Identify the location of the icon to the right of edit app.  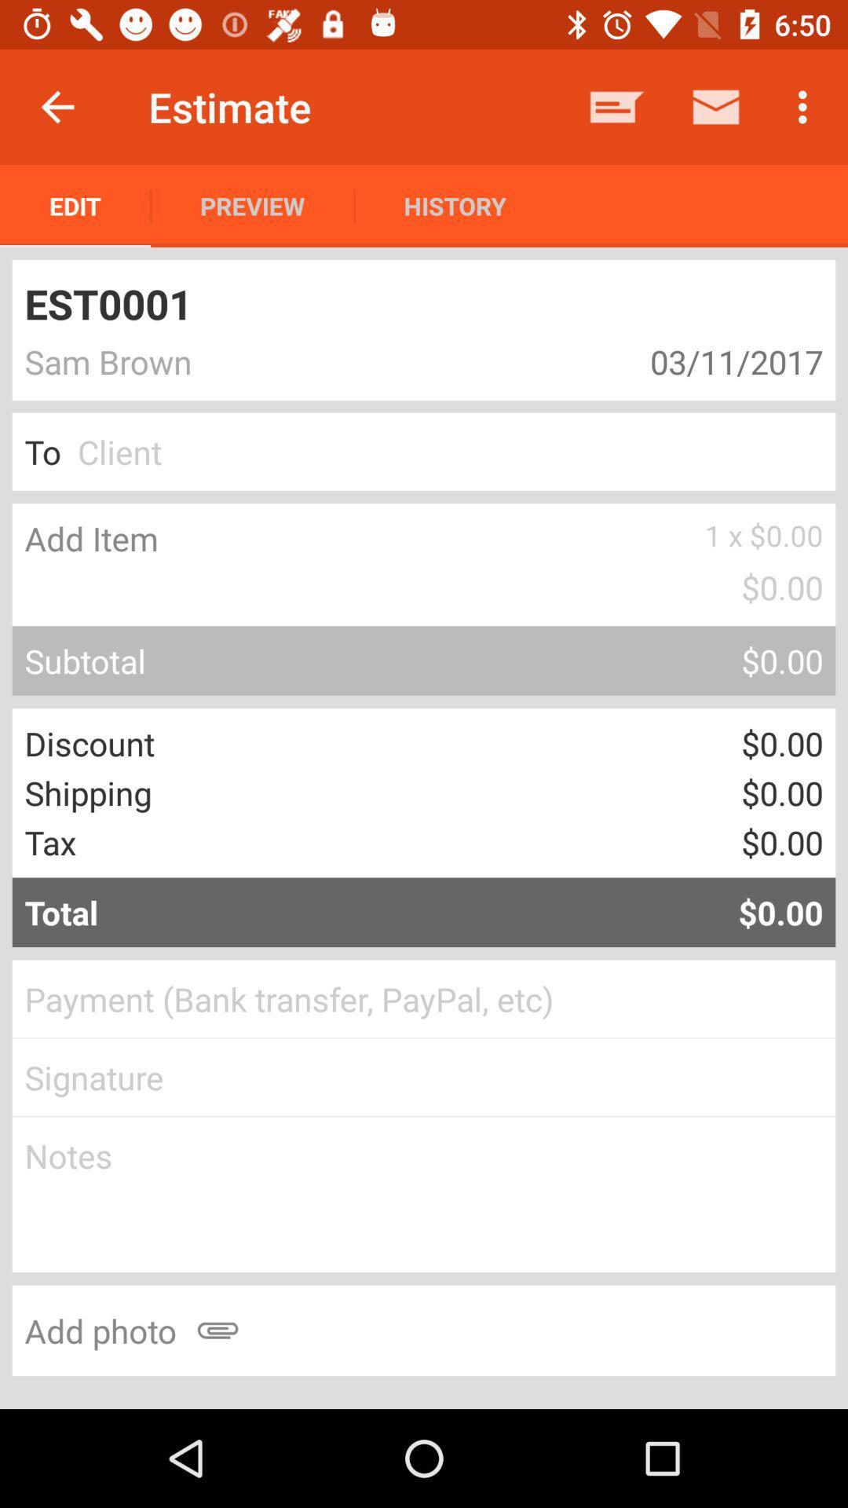
(251, 205).